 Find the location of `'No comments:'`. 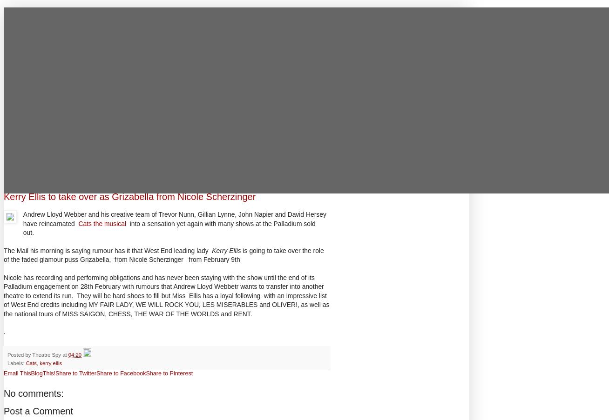

'No comments:' is located at coordinates (33, 393).